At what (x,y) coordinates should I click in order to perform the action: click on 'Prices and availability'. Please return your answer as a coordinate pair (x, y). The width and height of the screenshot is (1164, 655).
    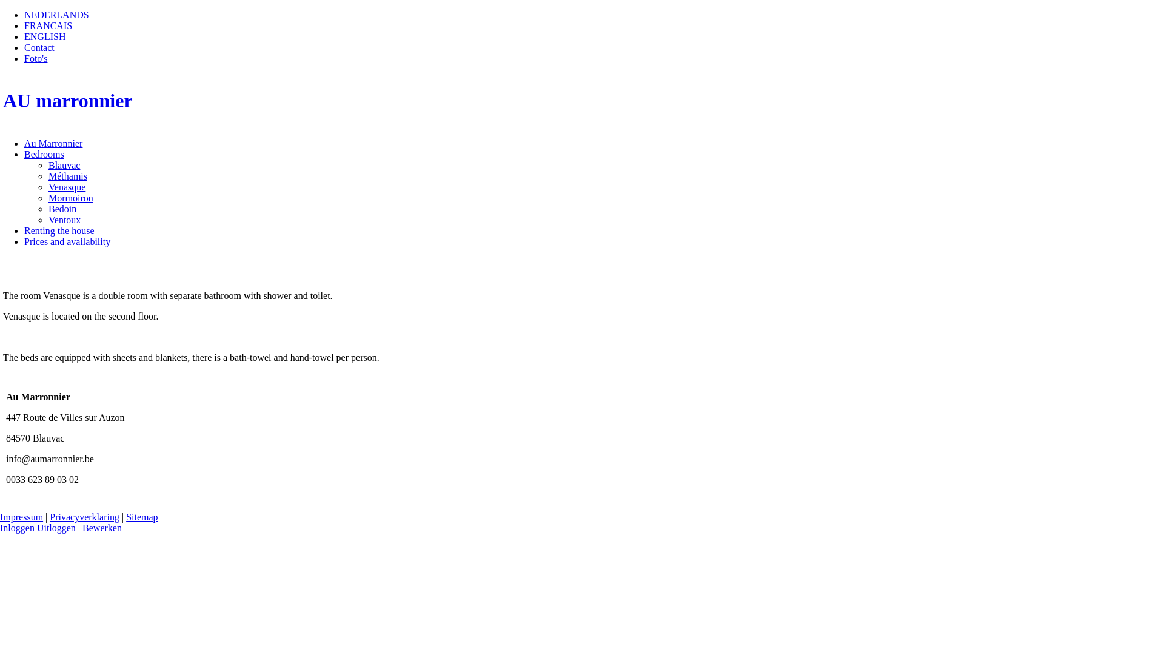
    Looking at the image, I should click on (24, 241).